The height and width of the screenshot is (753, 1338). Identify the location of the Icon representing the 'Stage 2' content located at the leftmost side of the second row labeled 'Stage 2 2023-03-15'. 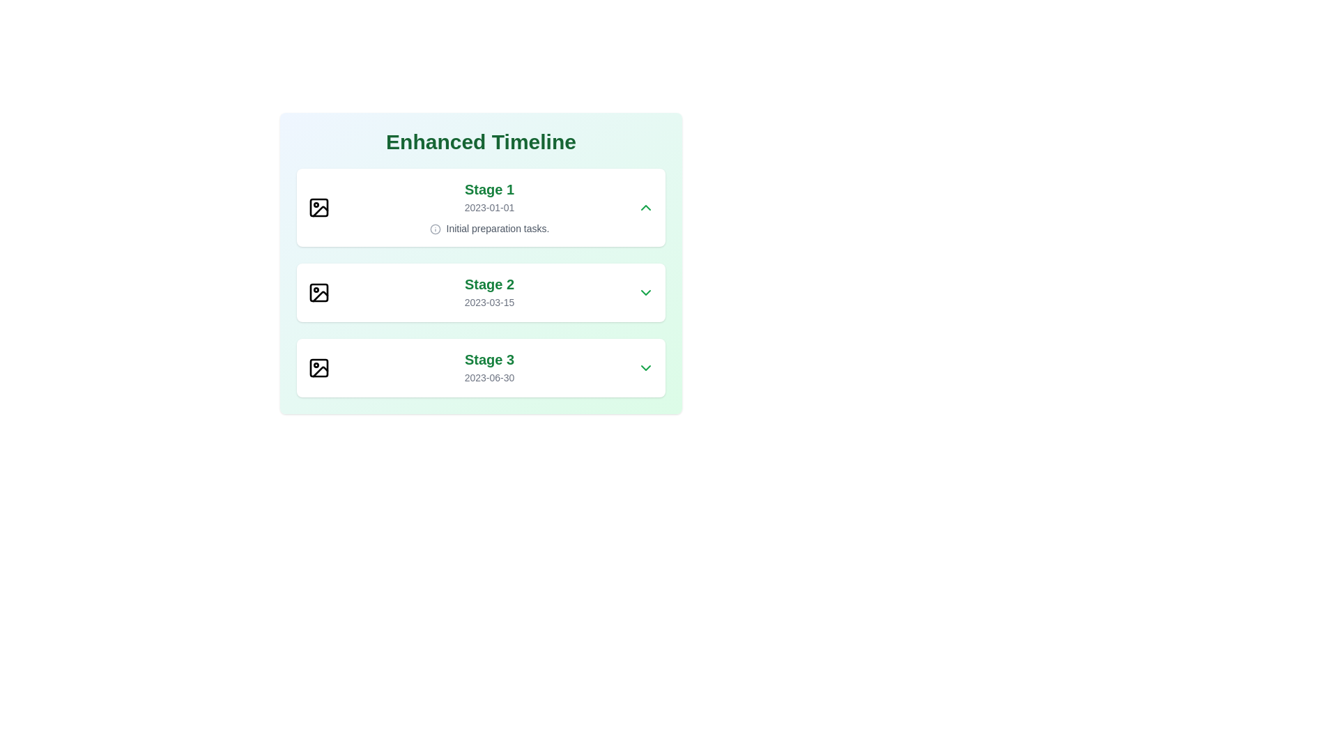
(318, 292).